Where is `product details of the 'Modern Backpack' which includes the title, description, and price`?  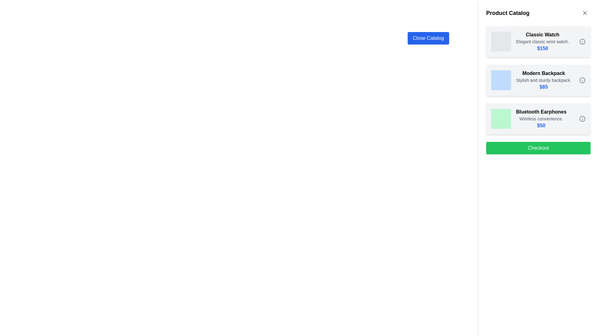 product details of the 'Modern Backpack' which includes the title, description, and price is located at coordinates (543, 80).